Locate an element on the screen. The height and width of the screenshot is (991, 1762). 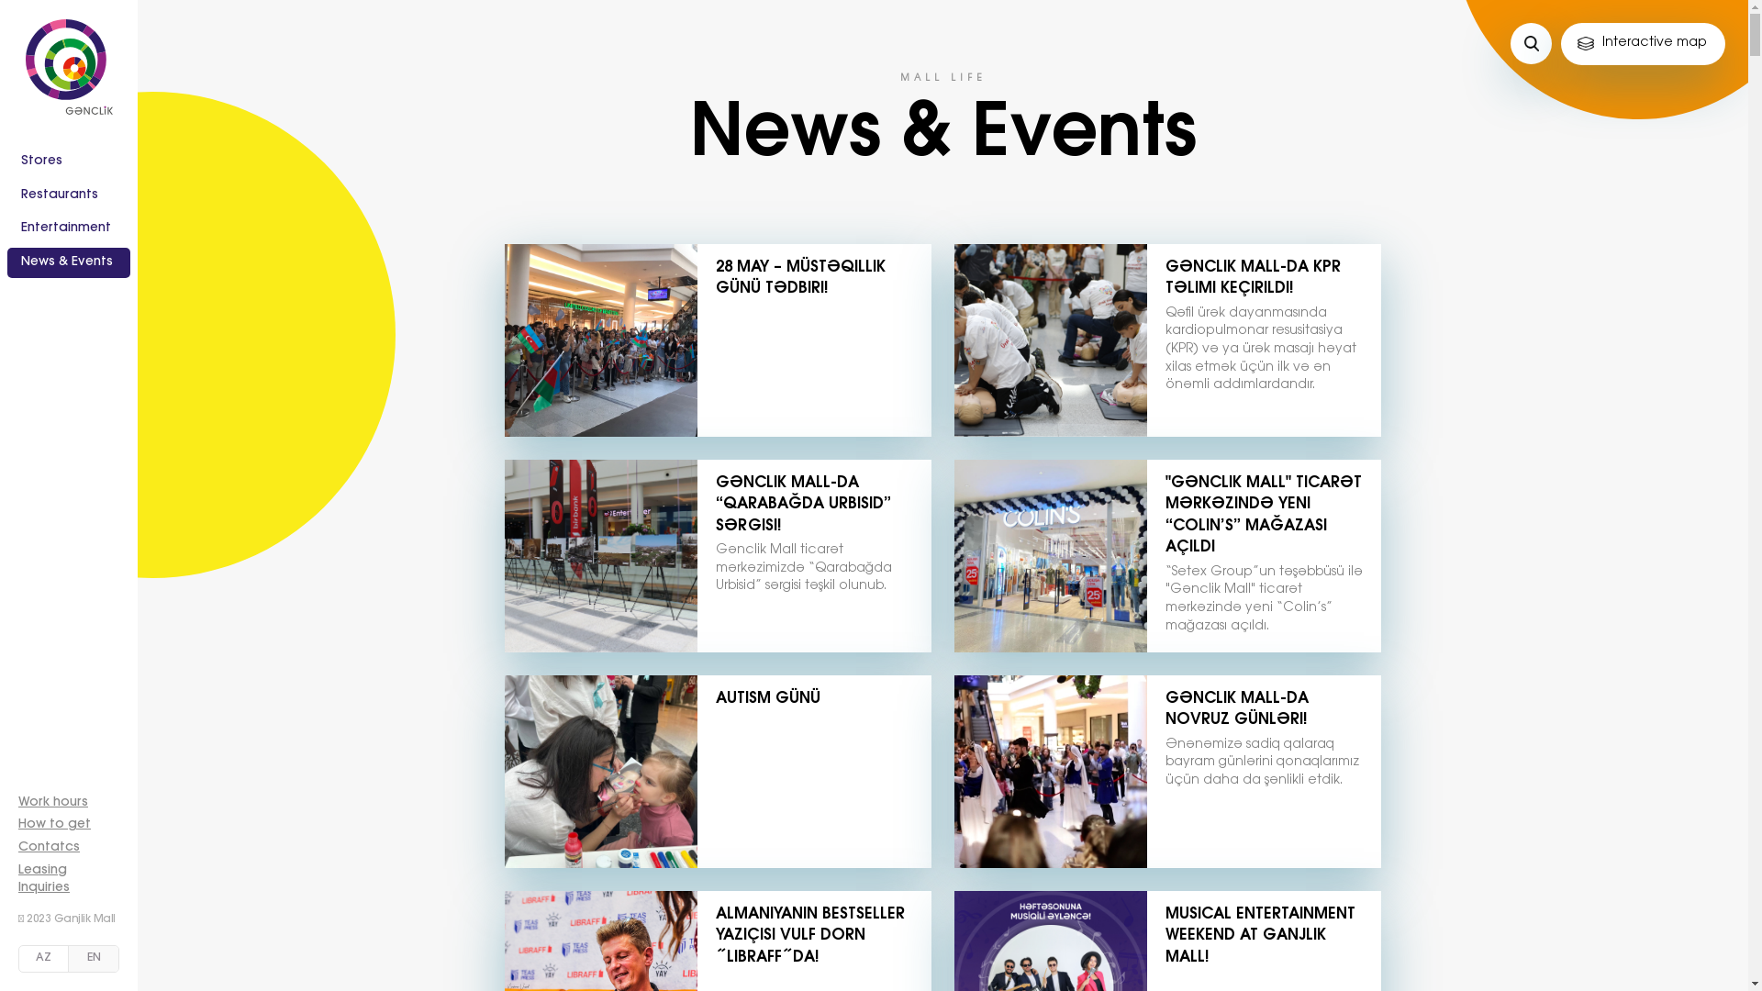
'Work hours' is located at coordinates (52, 802).